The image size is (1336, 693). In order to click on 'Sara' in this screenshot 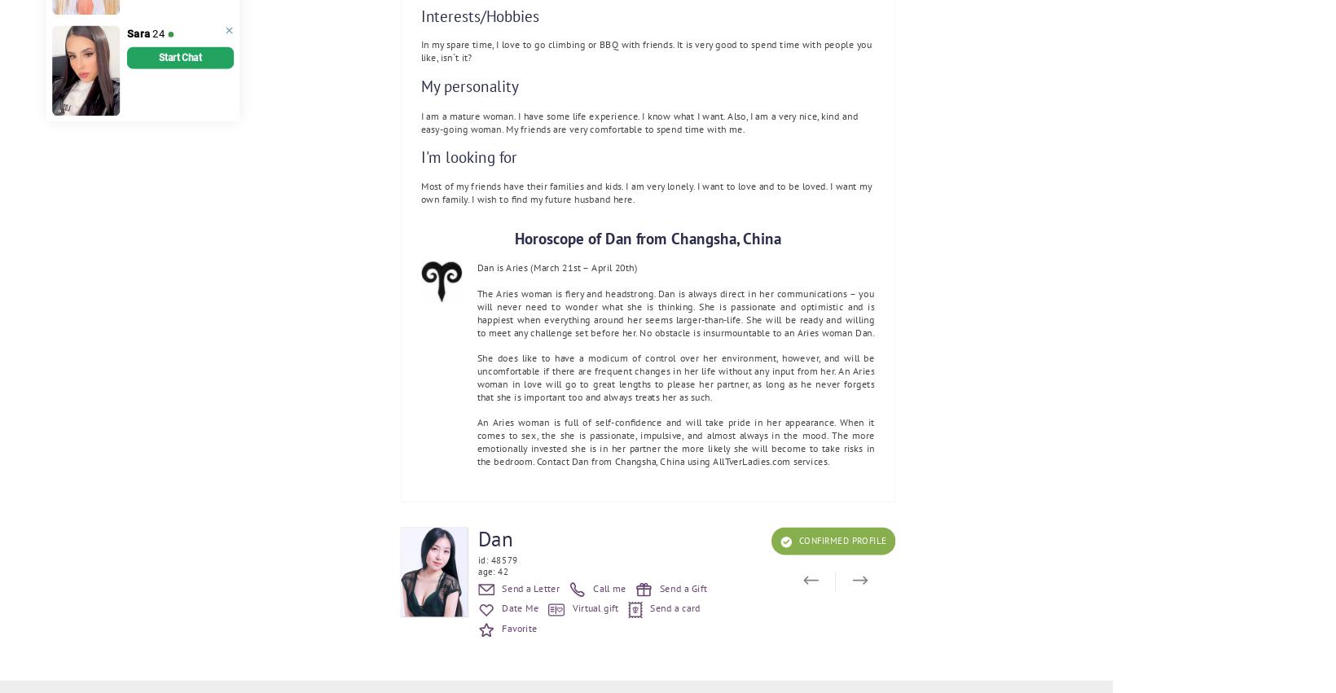, I will do `click(138, 33)`.